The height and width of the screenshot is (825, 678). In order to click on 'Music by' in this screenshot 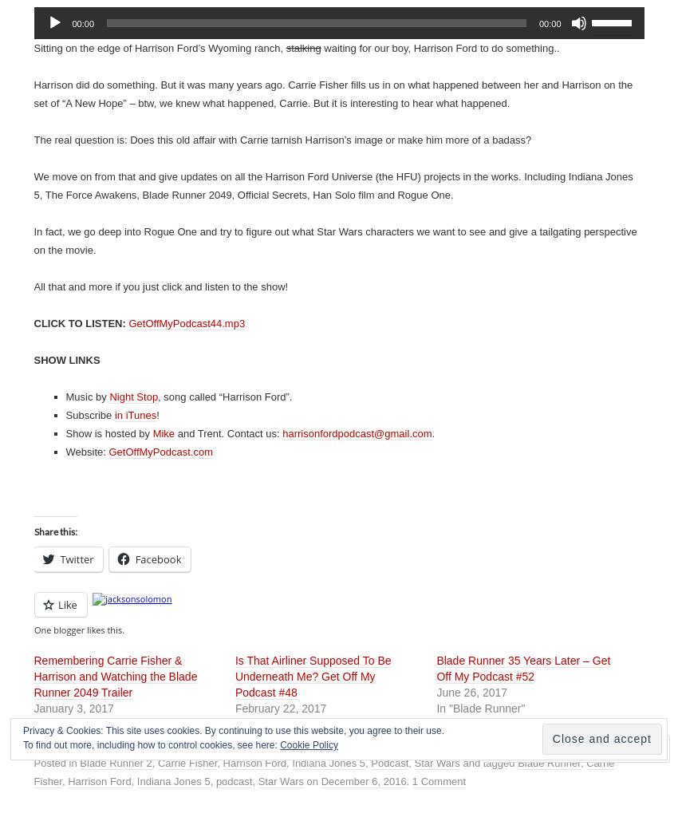, I will do `click(86, 396)`.